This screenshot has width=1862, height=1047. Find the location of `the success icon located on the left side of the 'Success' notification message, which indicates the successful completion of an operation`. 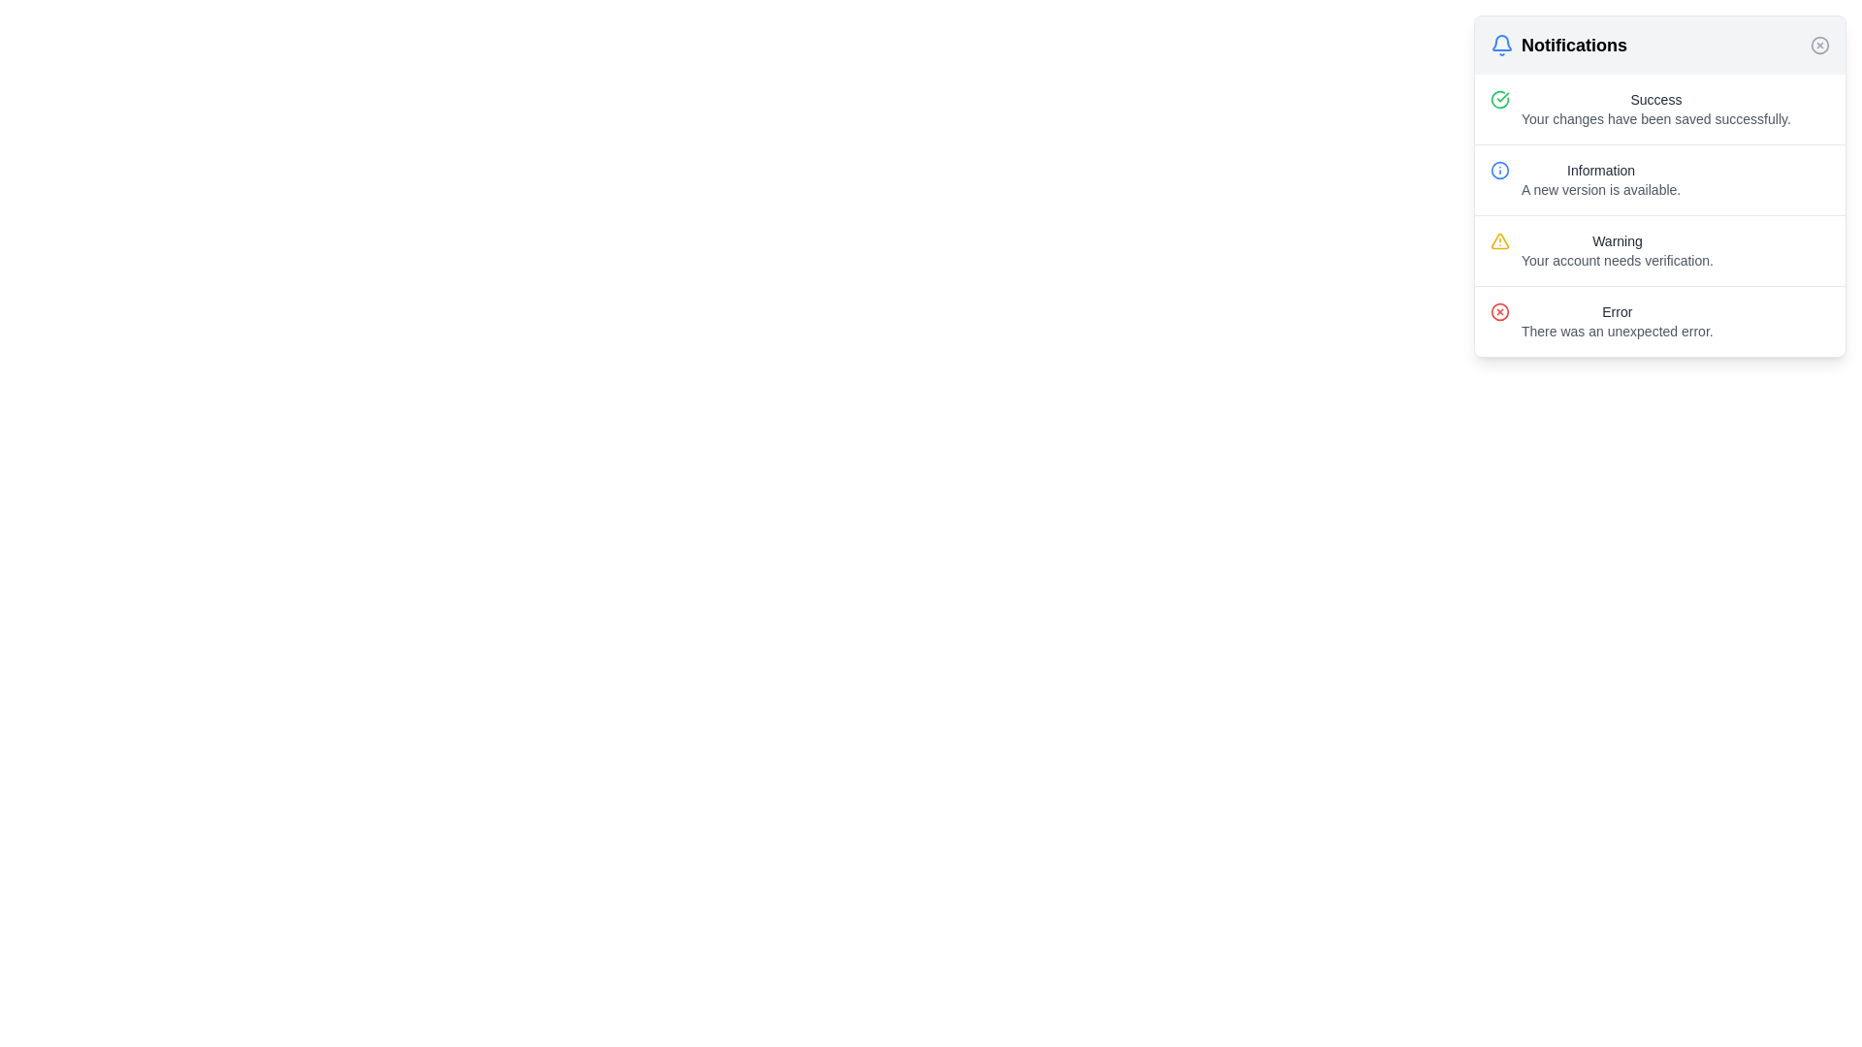

the success icon located on the left side of the 'Success' notification message, which indicates the successful completion of an operation is located at coordinates (1498, 100).